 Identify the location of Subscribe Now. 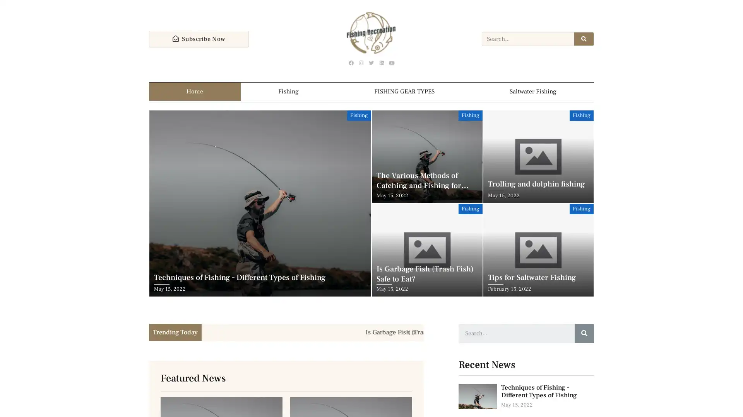
(199, 39).